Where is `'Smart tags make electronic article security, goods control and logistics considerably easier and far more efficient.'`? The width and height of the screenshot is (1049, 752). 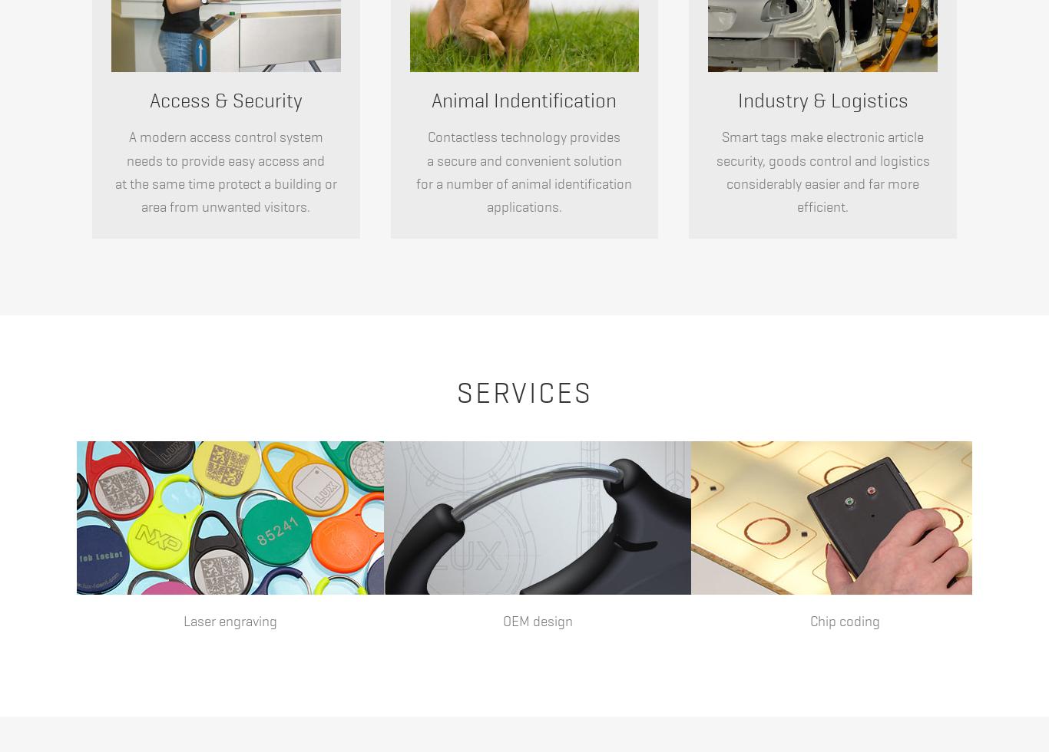 'Smart tags make electronic article security, goods control and logistics considerably easier and far more efficient.' is located at coordinates (716, 172).